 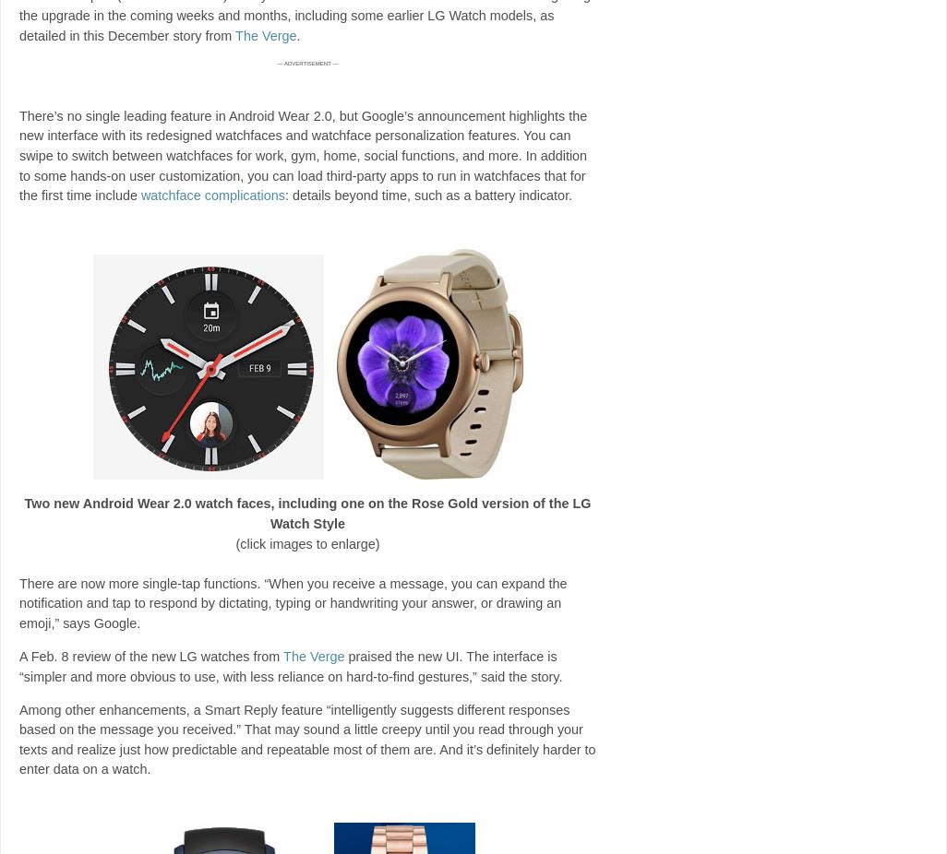 I want to click on 'Among other enhancements, a Smart Reply feature “intelligently suggests different responses based on the message you received.” That may sound a little creepy until you read through your texts and realize just how predictable and repeatable most of them are. And it’s definitely harder to enter data on a watch.', so click(x=307, y=739).